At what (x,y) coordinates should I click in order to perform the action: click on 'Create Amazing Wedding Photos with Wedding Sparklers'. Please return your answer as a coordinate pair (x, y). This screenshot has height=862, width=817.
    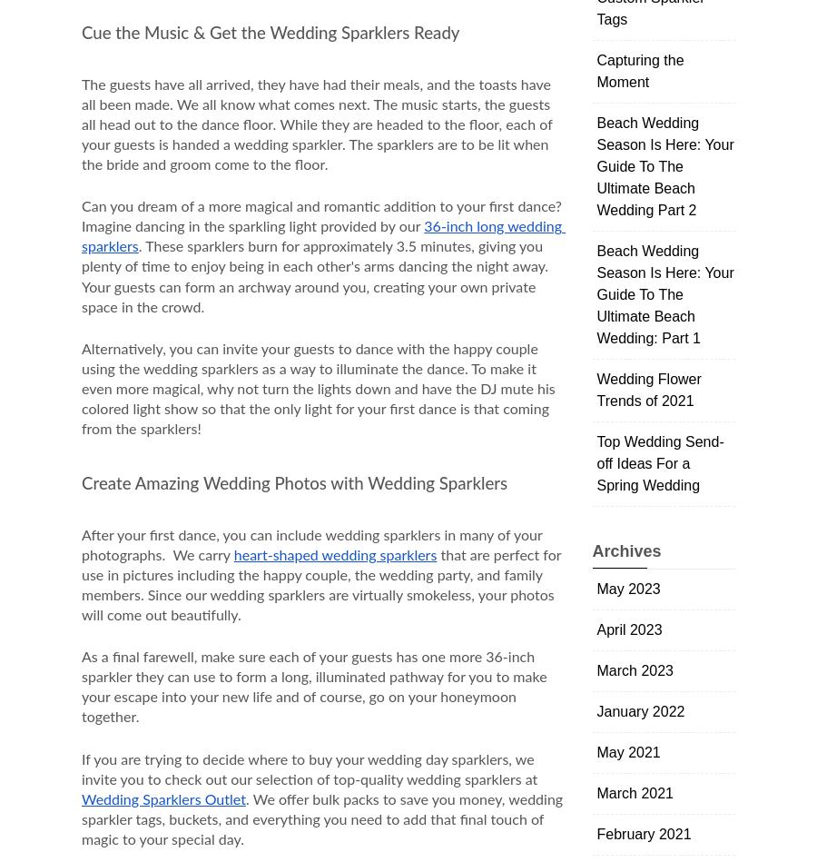
    Looking at the image, I should click on (81, 483).